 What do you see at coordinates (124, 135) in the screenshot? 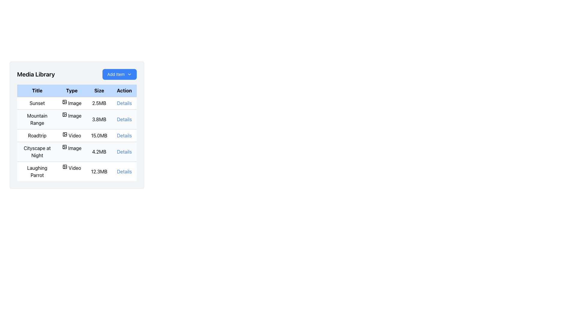
I see `the blue underlined link labeled 'Details' located in the rightmost column under the 'Action' heading in the 'Roadtrip' row of the table` at bounding box center [124, 135].